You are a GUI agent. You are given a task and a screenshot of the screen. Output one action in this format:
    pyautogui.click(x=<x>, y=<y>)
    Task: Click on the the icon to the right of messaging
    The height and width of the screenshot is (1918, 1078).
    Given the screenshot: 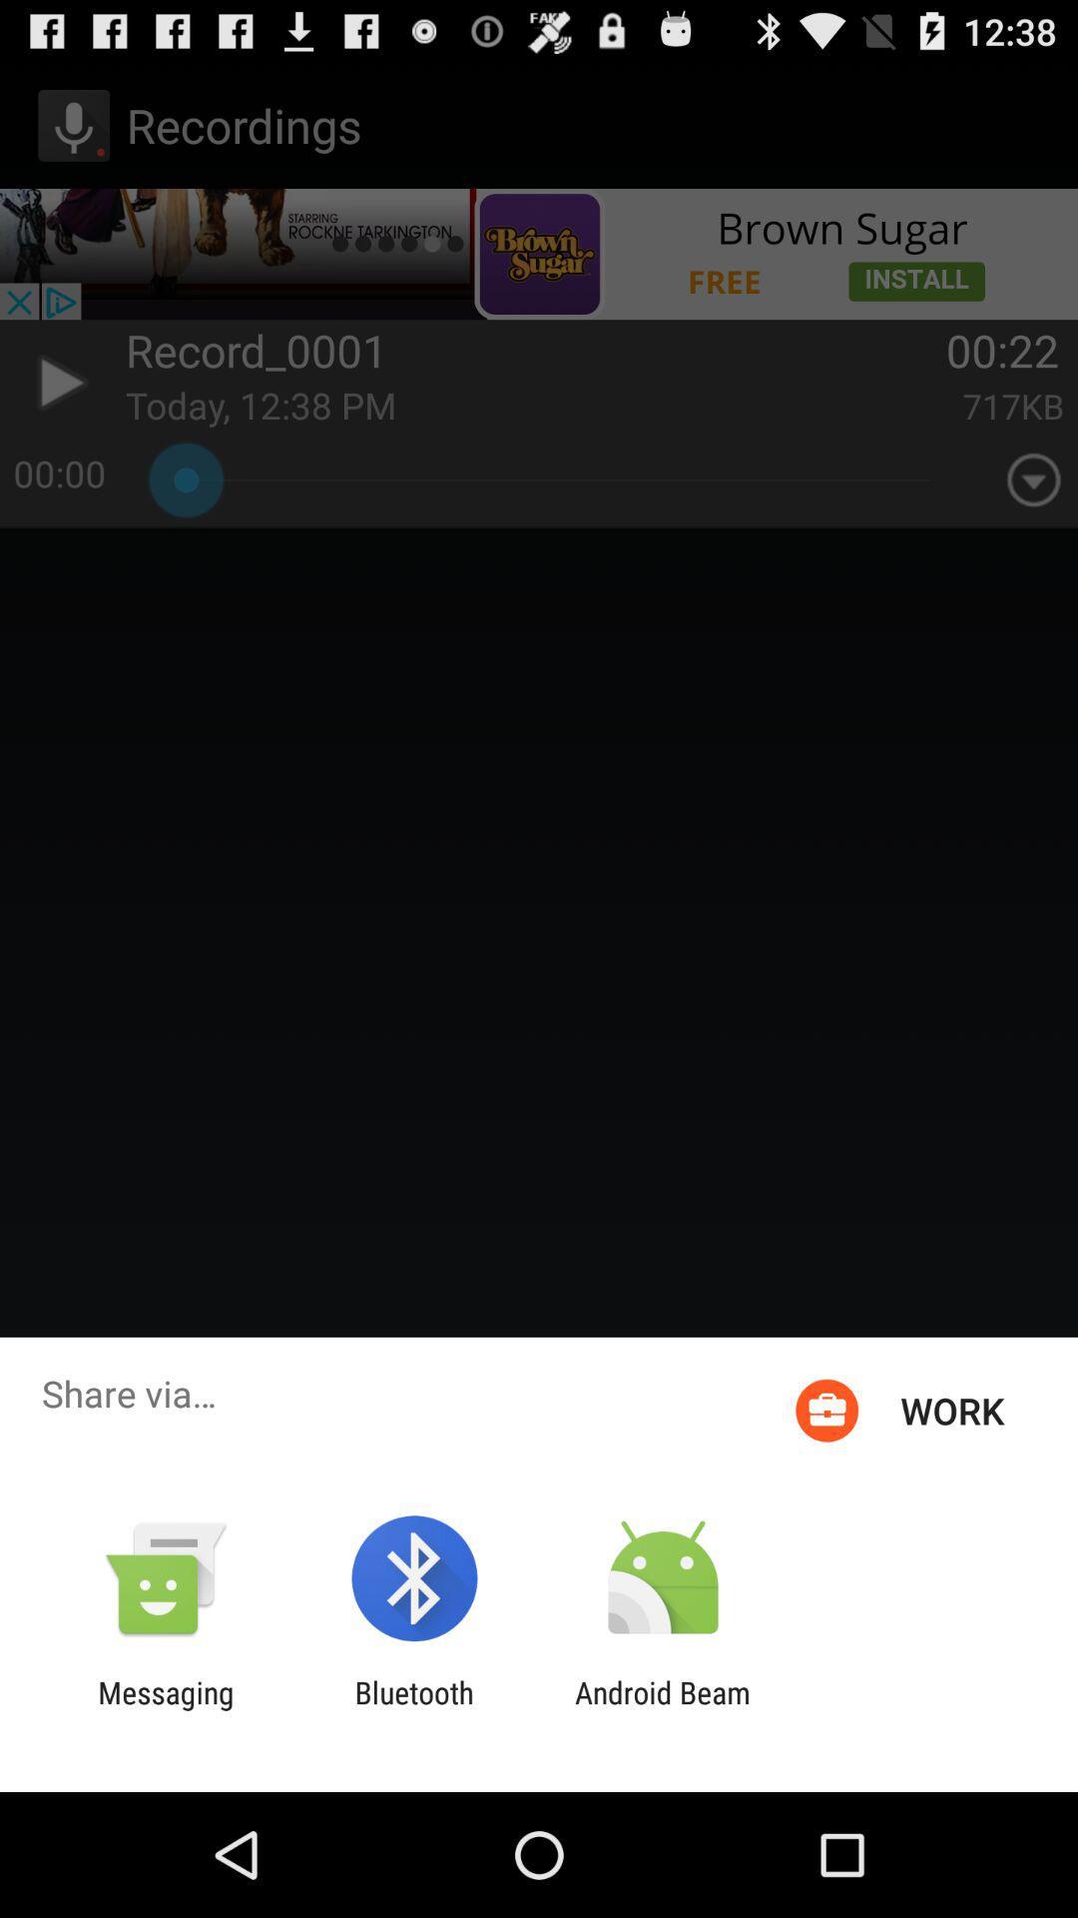 What is the action you would take?
    pyautogui.click(x=413, y=1709)
    